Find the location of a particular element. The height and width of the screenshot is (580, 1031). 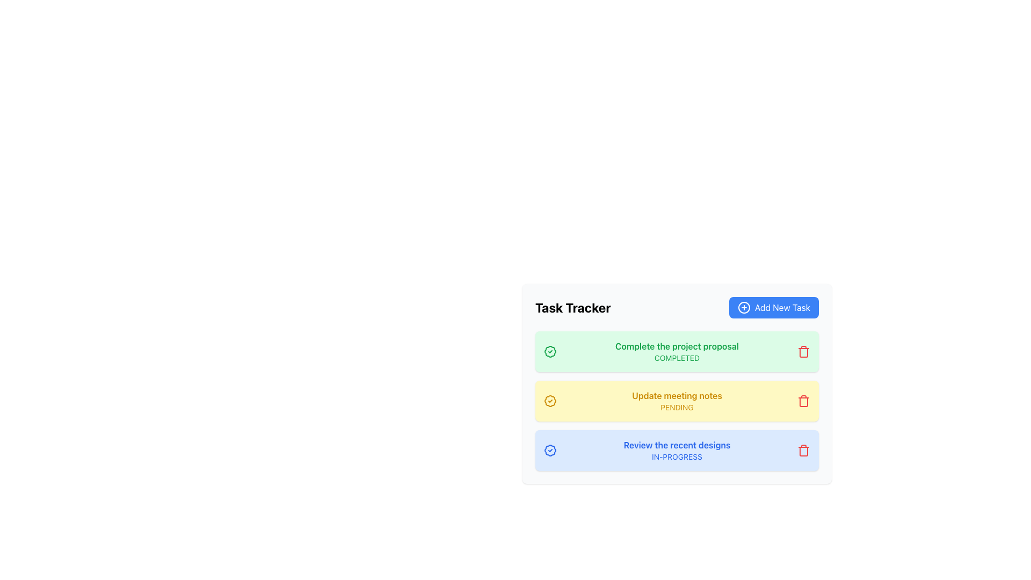

the task title of the second task item in the 'Task Tracker' application is located at coordinates (677, 401).